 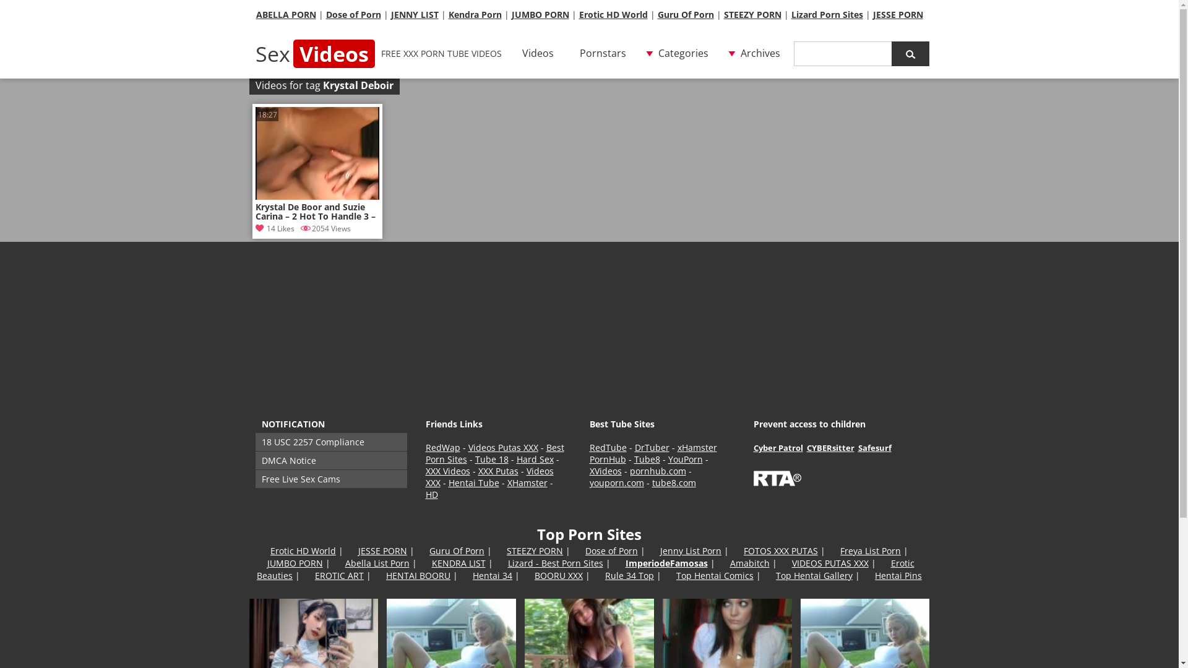 What do you see at coordinates (502, 447) in the screenshot?
I see `'Videos Putas XXX'` at bounding box center [502, 447].